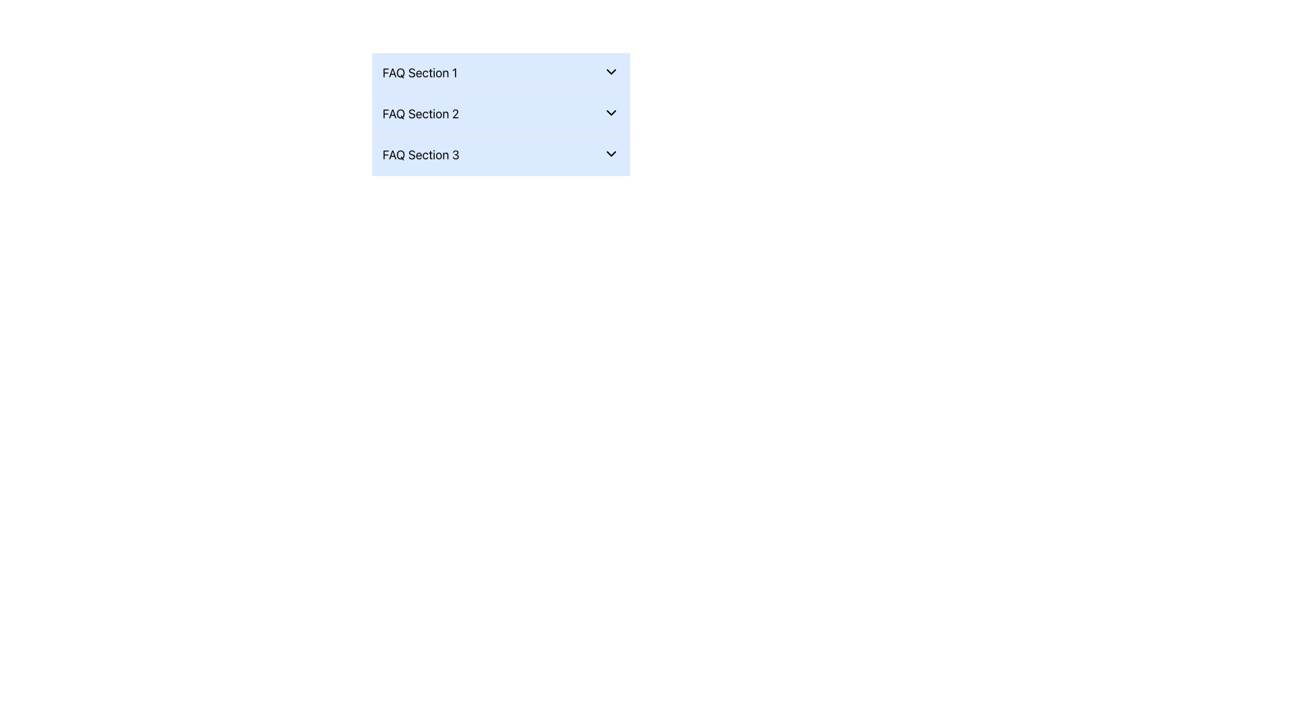 This screenshot has height=726, width=1290. I want to click on the button next to 'FAQ Section 2', so click(610, 112).